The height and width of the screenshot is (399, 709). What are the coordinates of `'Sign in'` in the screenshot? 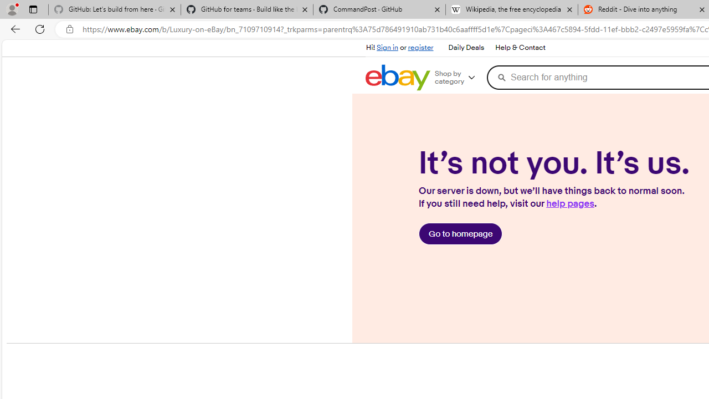 It's located at (387, 47).